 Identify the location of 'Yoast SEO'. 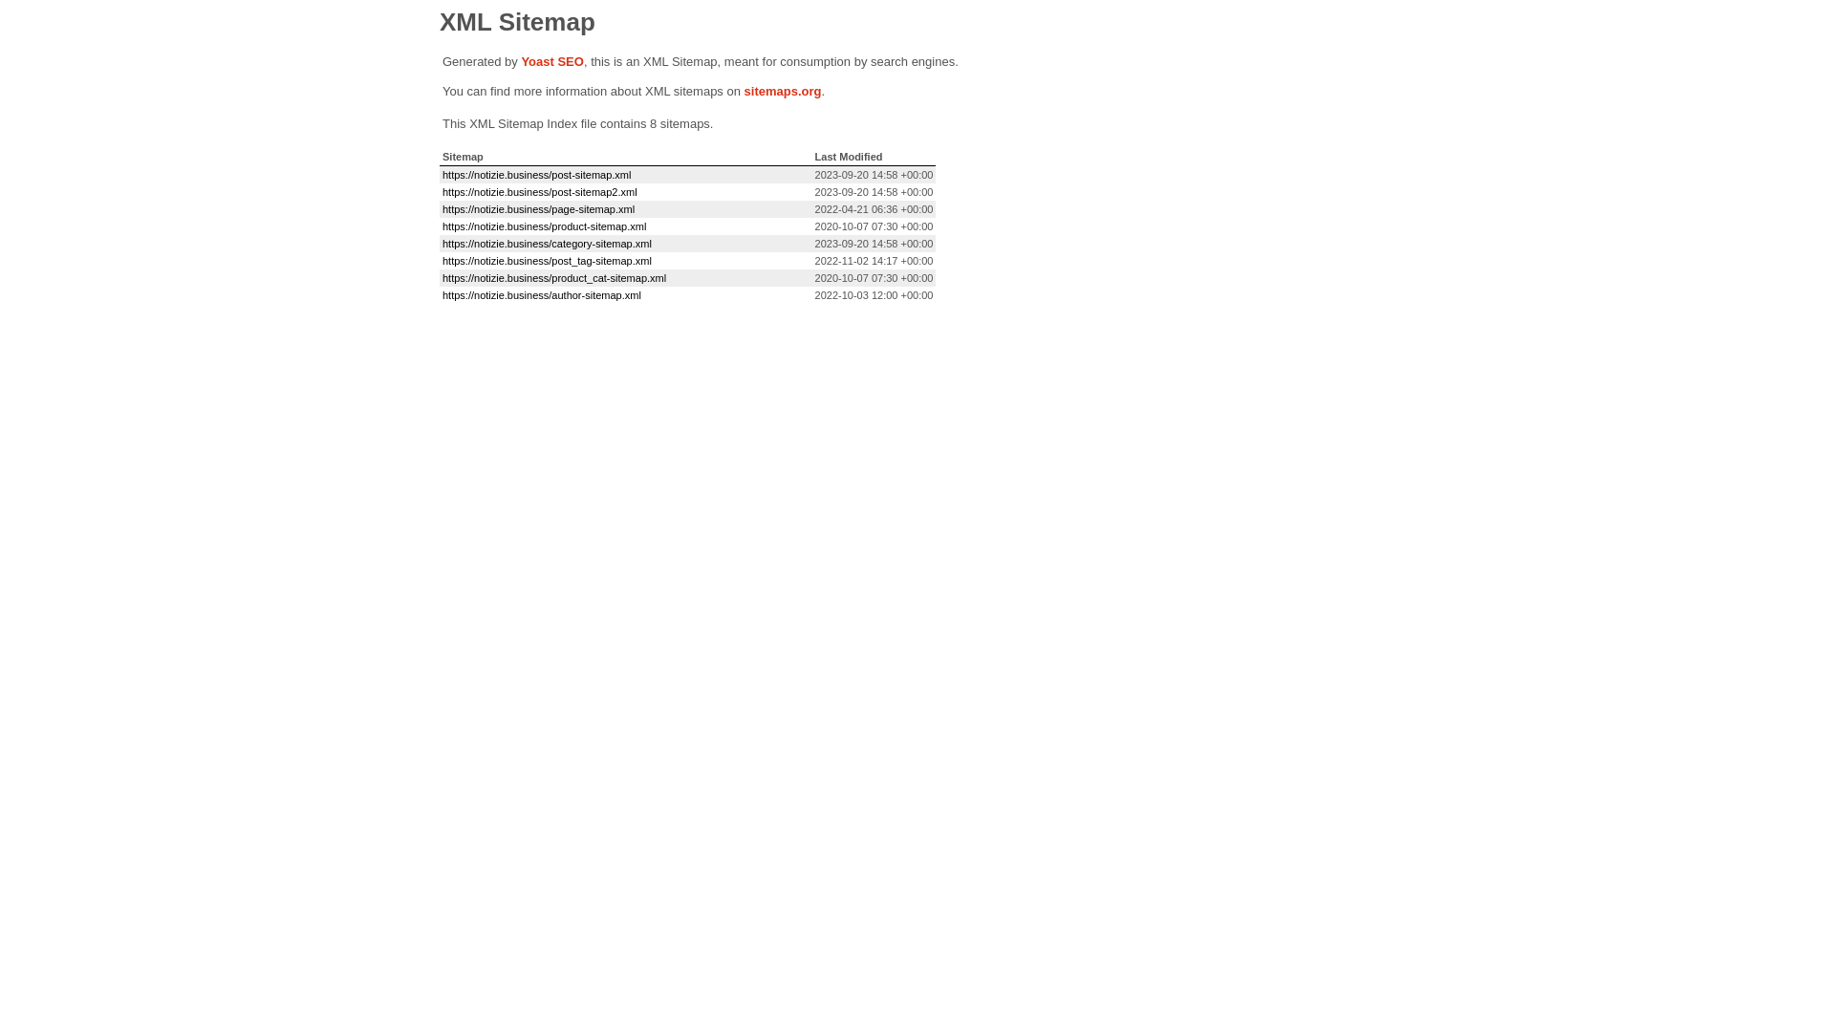
(550, 60).